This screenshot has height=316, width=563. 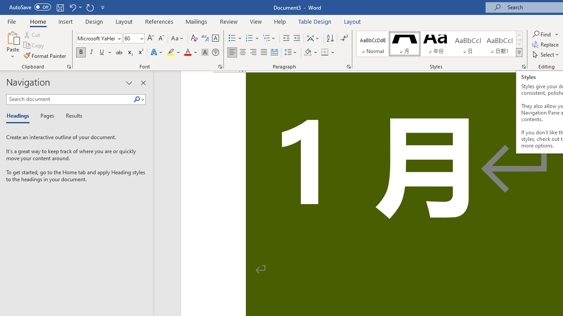 I want to click on 'Align Left', so click(x=232, y=52).